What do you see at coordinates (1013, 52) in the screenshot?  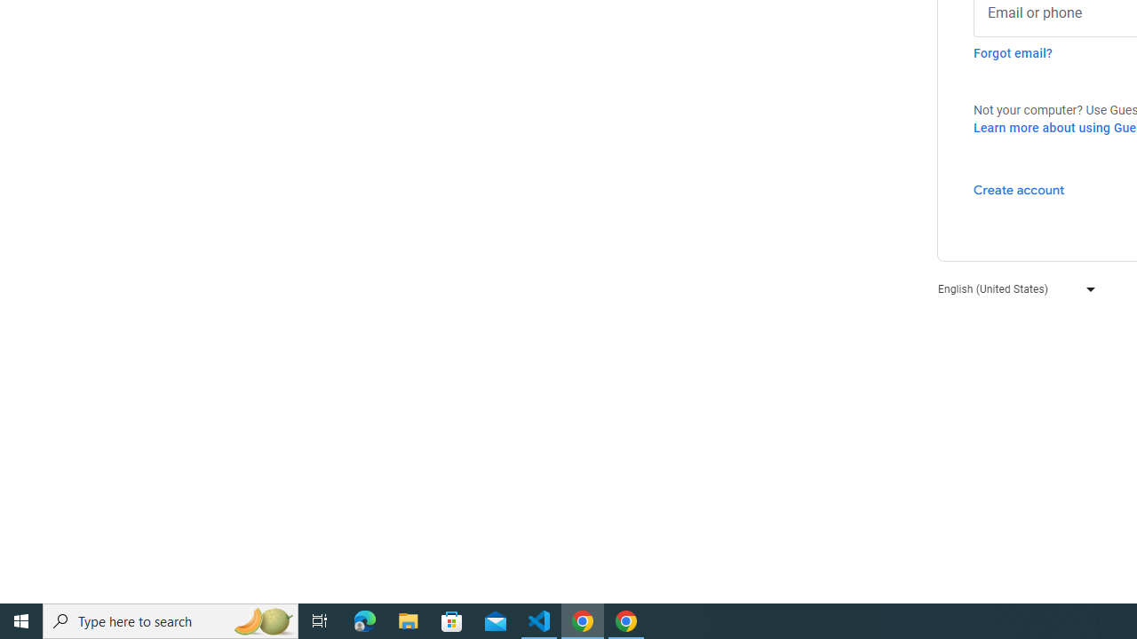 I see `'Forgot email?'` at bounding box center [1013, 52].